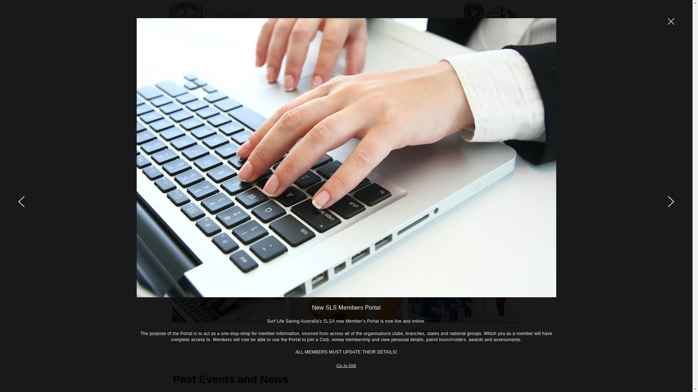 The width and height of the screenshot is (698, 392). What do you see at coordinates (346, 365) in the screenshot?
I see `'Go to link'` at bounding box center [346, 365].